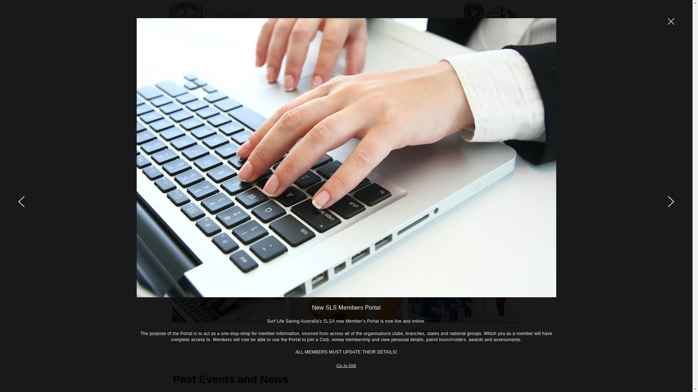 The width and height of the screenshot is (698, 392). What do you see at coordinates (346, 365) in the screenshot?
I see `'Go to link'` at bounding box center [346, 365].